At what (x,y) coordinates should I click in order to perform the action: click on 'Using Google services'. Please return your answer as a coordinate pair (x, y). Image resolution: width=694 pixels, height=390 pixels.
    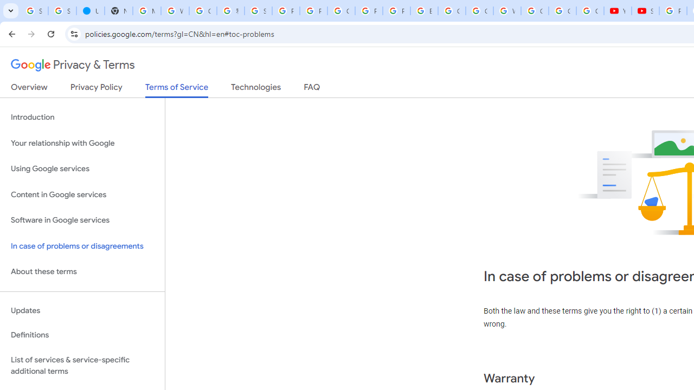
    Looking at the image, I should click on (82, 169).